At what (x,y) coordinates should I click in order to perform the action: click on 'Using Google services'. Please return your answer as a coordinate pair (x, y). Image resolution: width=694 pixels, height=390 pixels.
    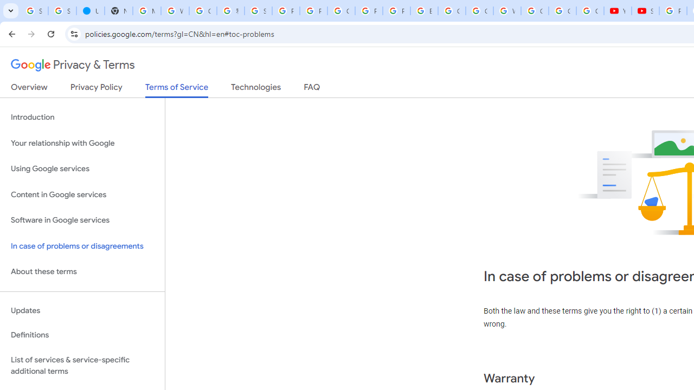
    Looking at the image, I should click on (82, 169).